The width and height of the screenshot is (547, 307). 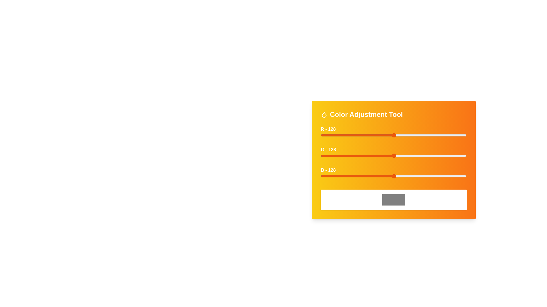 What do you see at coordinates (370, 176) in the screenshot?
I see `the blue slider to set the blue intensity to 87` at bounding box center [370, 176].